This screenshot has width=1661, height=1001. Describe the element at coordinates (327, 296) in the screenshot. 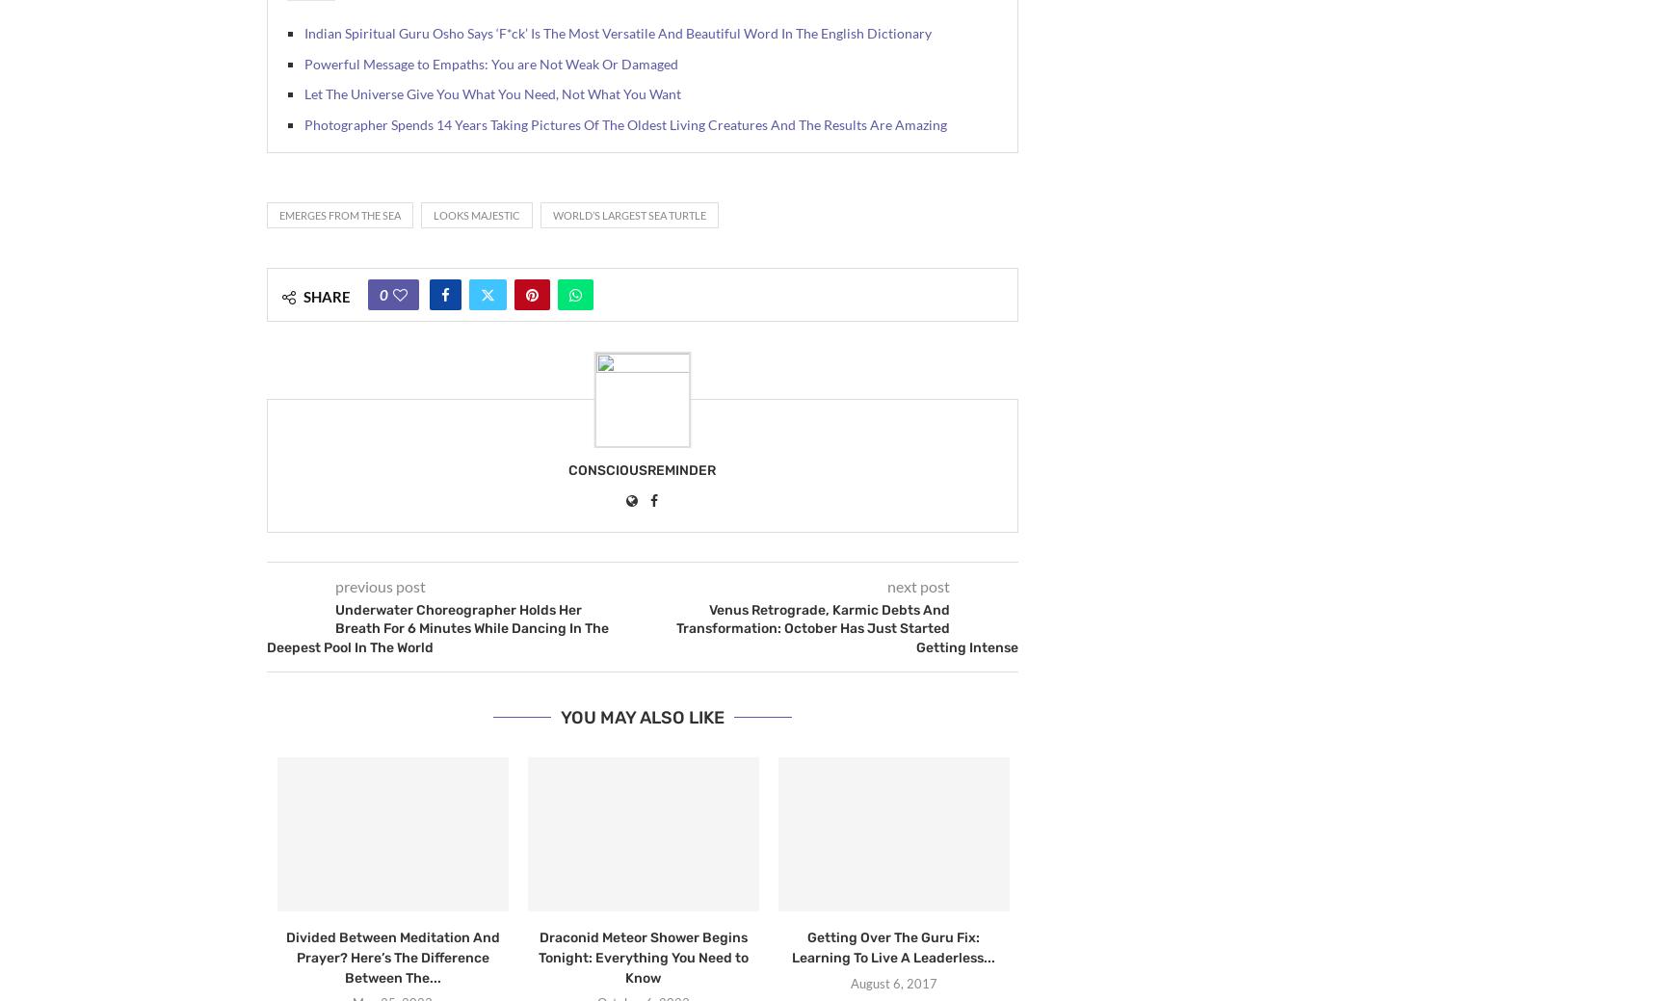

I see `'Share'` at that location.